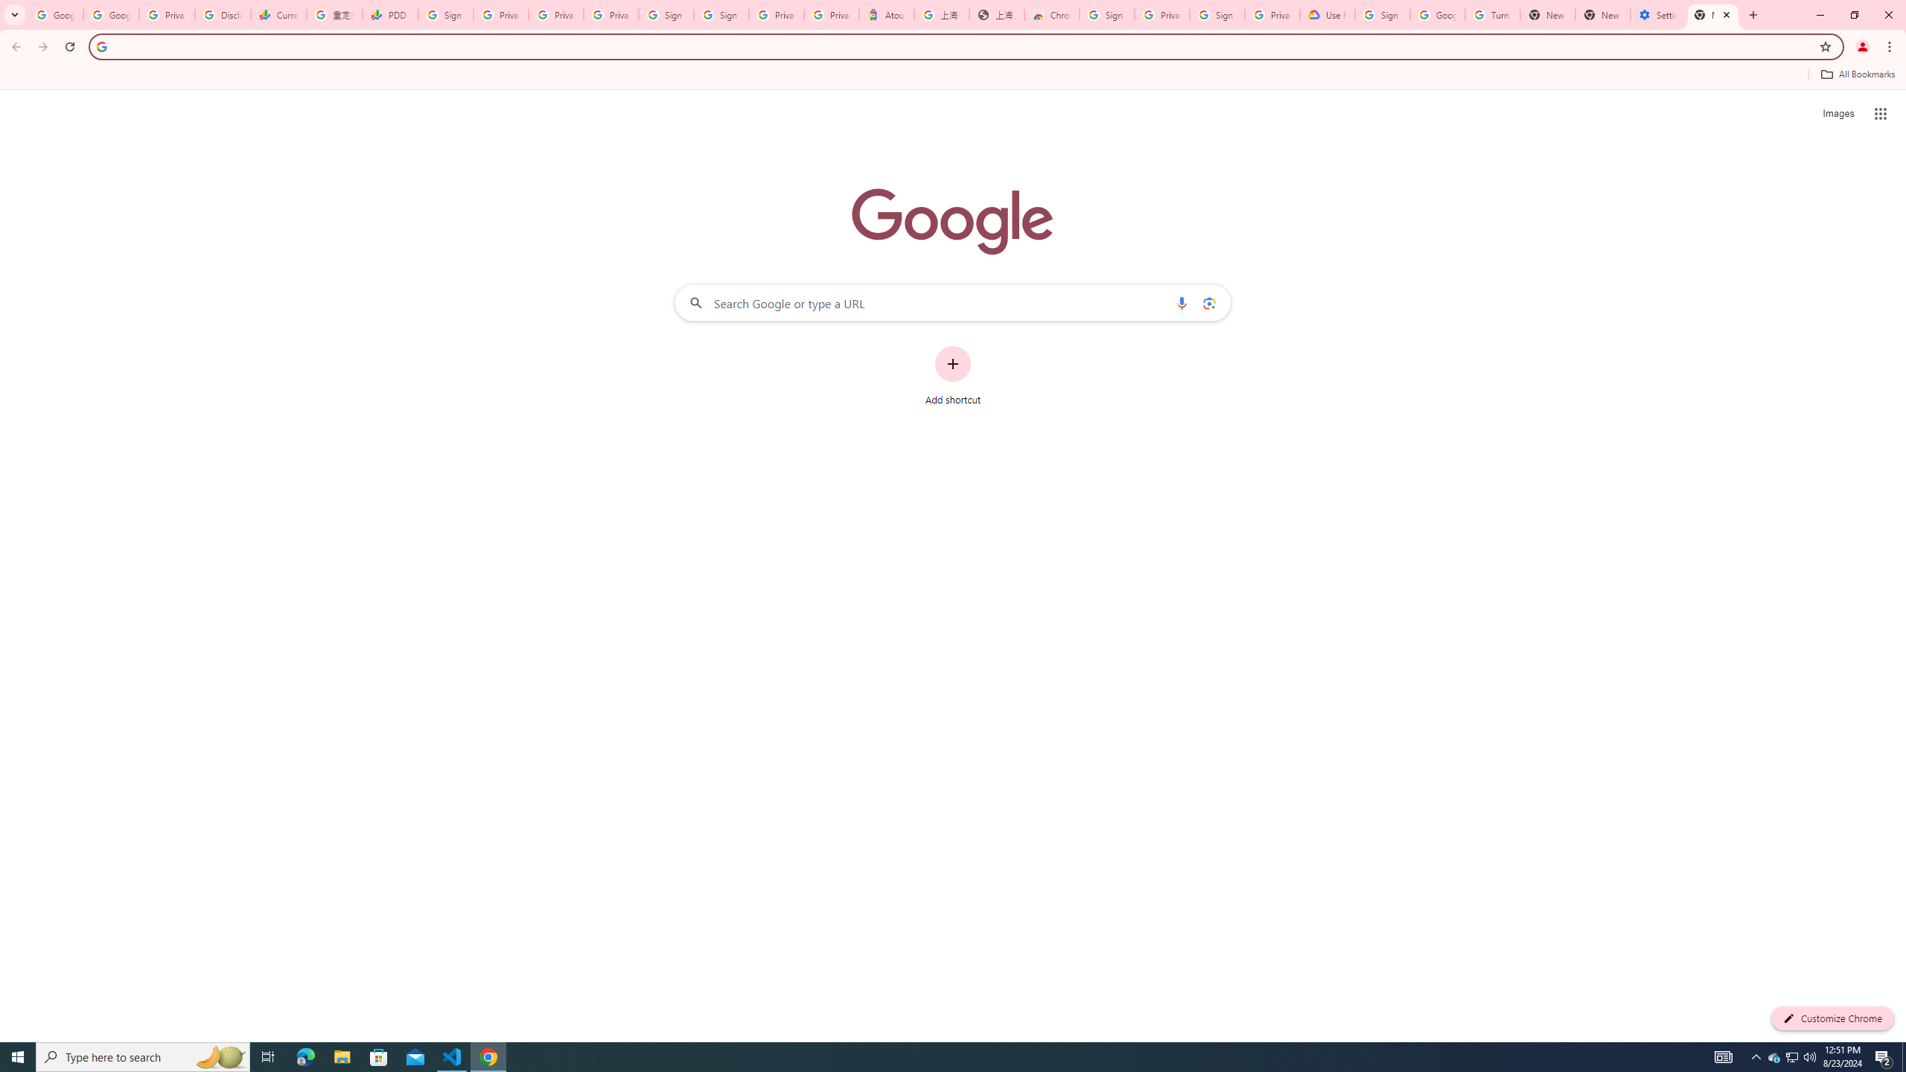  I want to click on 'New Tab', so click(1712, 14).